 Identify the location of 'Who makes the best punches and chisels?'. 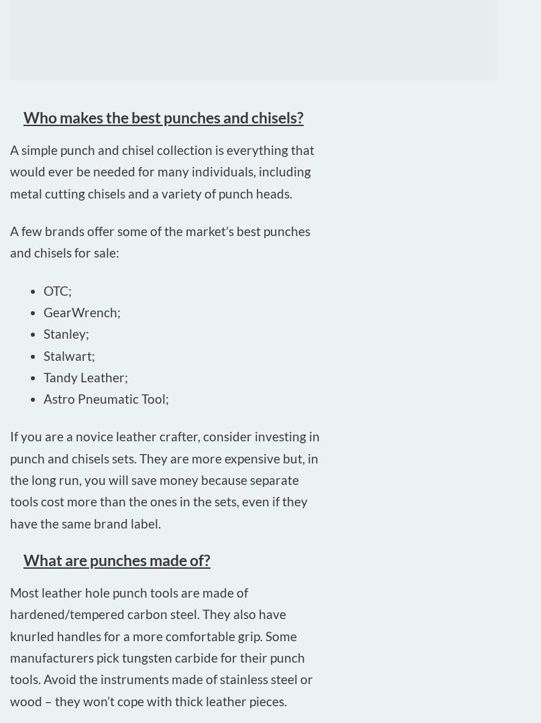
(163, 115).